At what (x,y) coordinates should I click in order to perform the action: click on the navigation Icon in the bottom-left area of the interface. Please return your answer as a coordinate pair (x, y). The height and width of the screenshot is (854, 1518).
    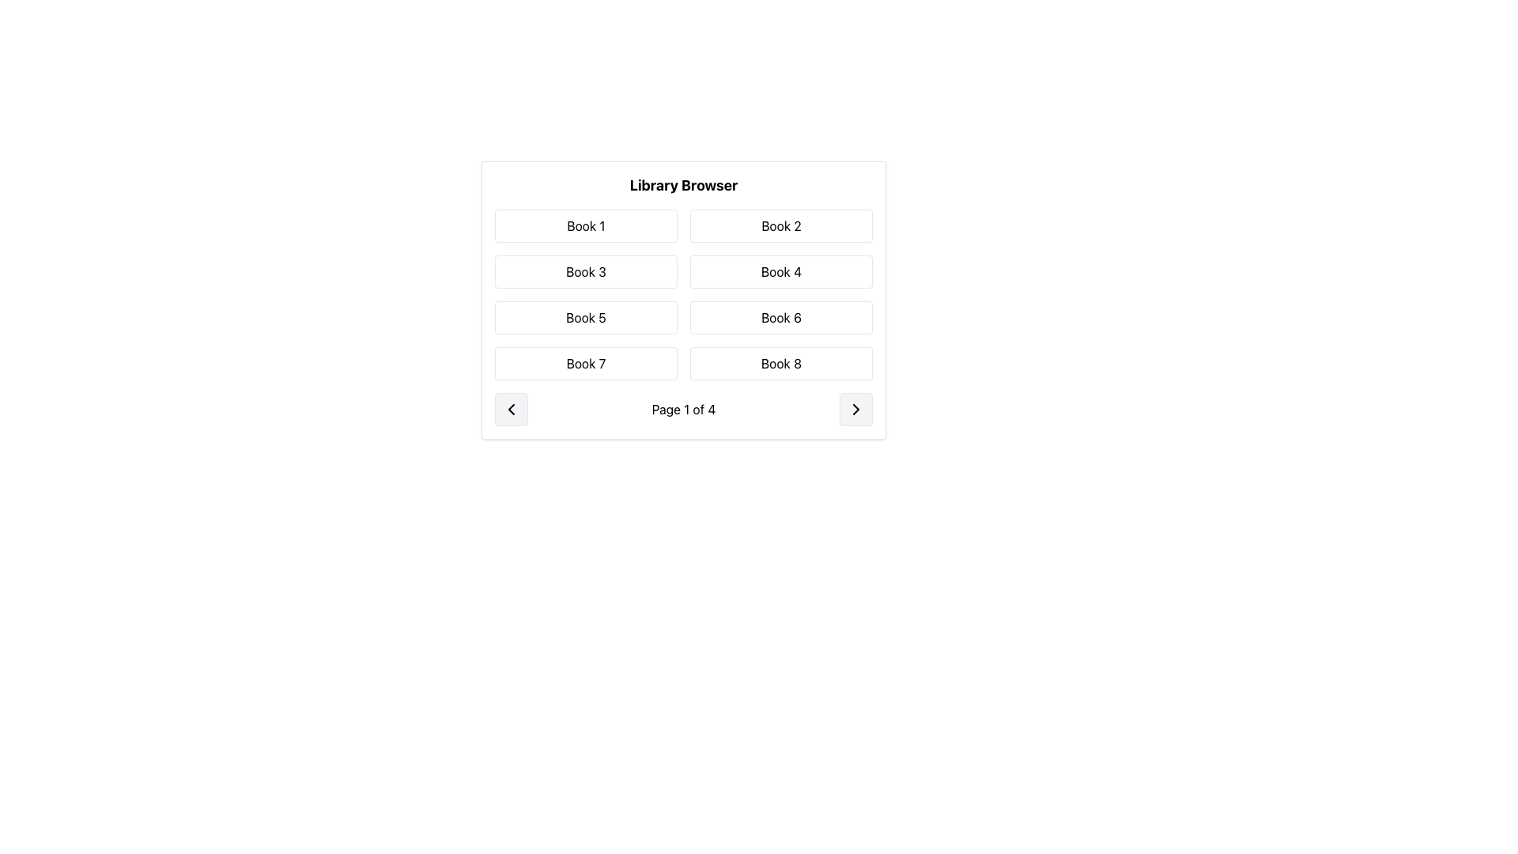
    Looking at the image, I should click on (512, 408).